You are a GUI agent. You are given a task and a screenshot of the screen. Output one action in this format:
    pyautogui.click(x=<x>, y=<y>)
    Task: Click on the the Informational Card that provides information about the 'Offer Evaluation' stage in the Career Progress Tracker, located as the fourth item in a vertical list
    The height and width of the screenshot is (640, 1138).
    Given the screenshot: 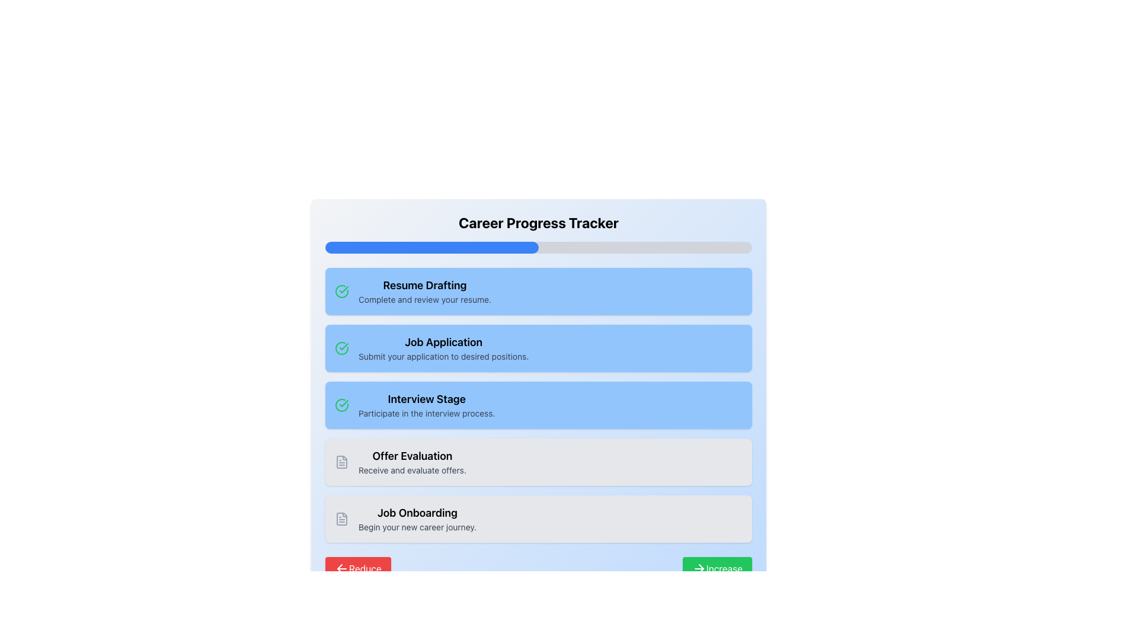 What is the action you would take?
    pyautogui.click(x=538, y=461)
    